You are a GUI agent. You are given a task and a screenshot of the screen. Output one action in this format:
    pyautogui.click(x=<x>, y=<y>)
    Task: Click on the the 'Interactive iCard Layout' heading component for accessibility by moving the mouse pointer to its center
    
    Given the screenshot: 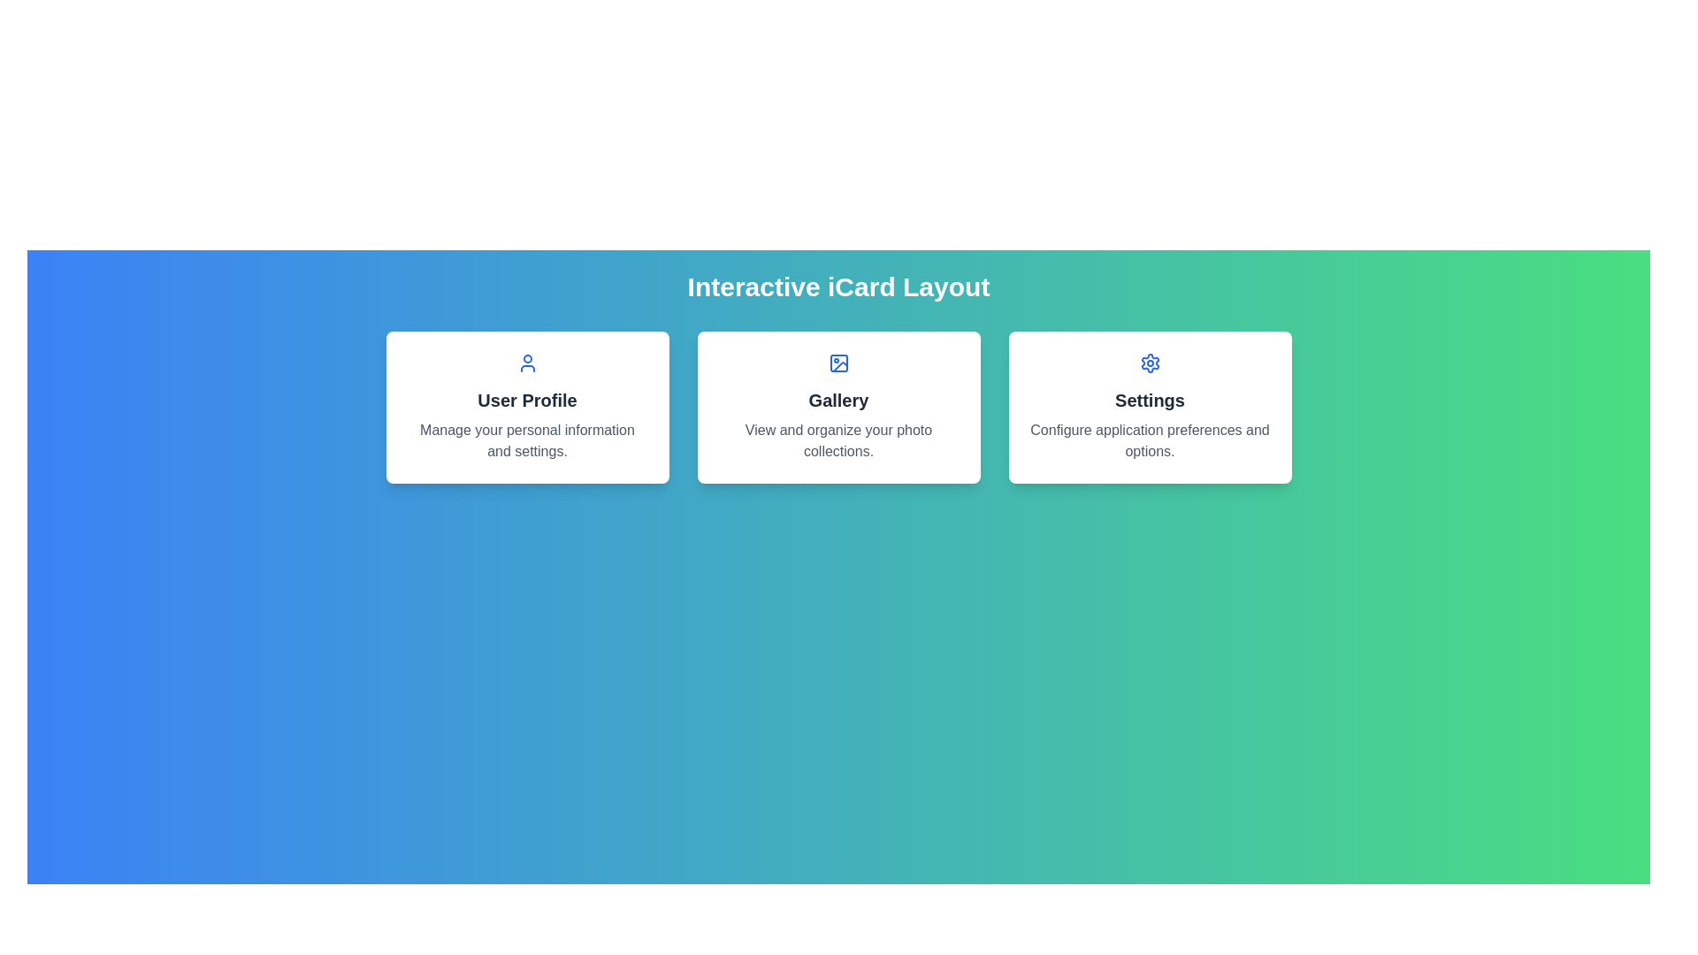 What is the action you would take?
    pyautogui.click(x=838, y=286)
    